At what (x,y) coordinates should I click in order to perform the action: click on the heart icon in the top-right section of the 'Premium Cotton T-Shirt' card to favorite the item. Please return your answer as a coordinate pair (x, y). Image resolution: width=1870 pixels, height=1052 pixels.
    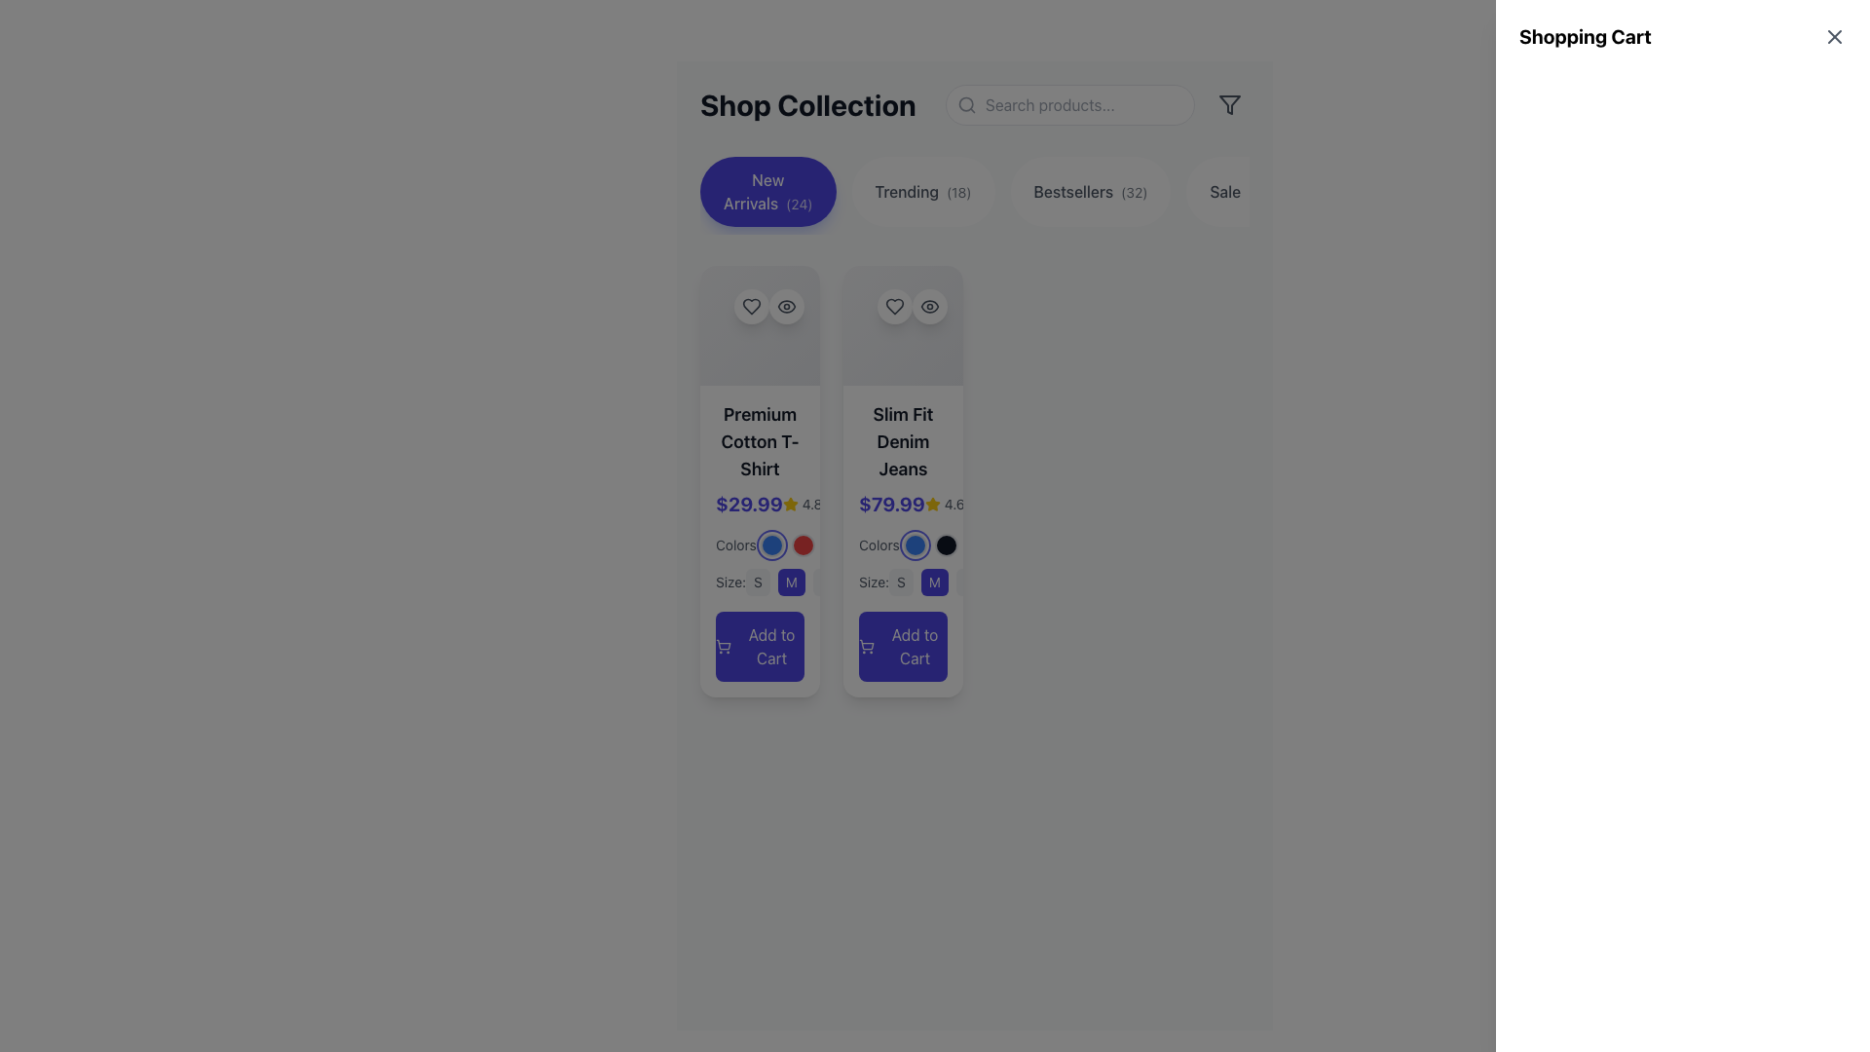
    Looking at the image, I should click on (768, 303).